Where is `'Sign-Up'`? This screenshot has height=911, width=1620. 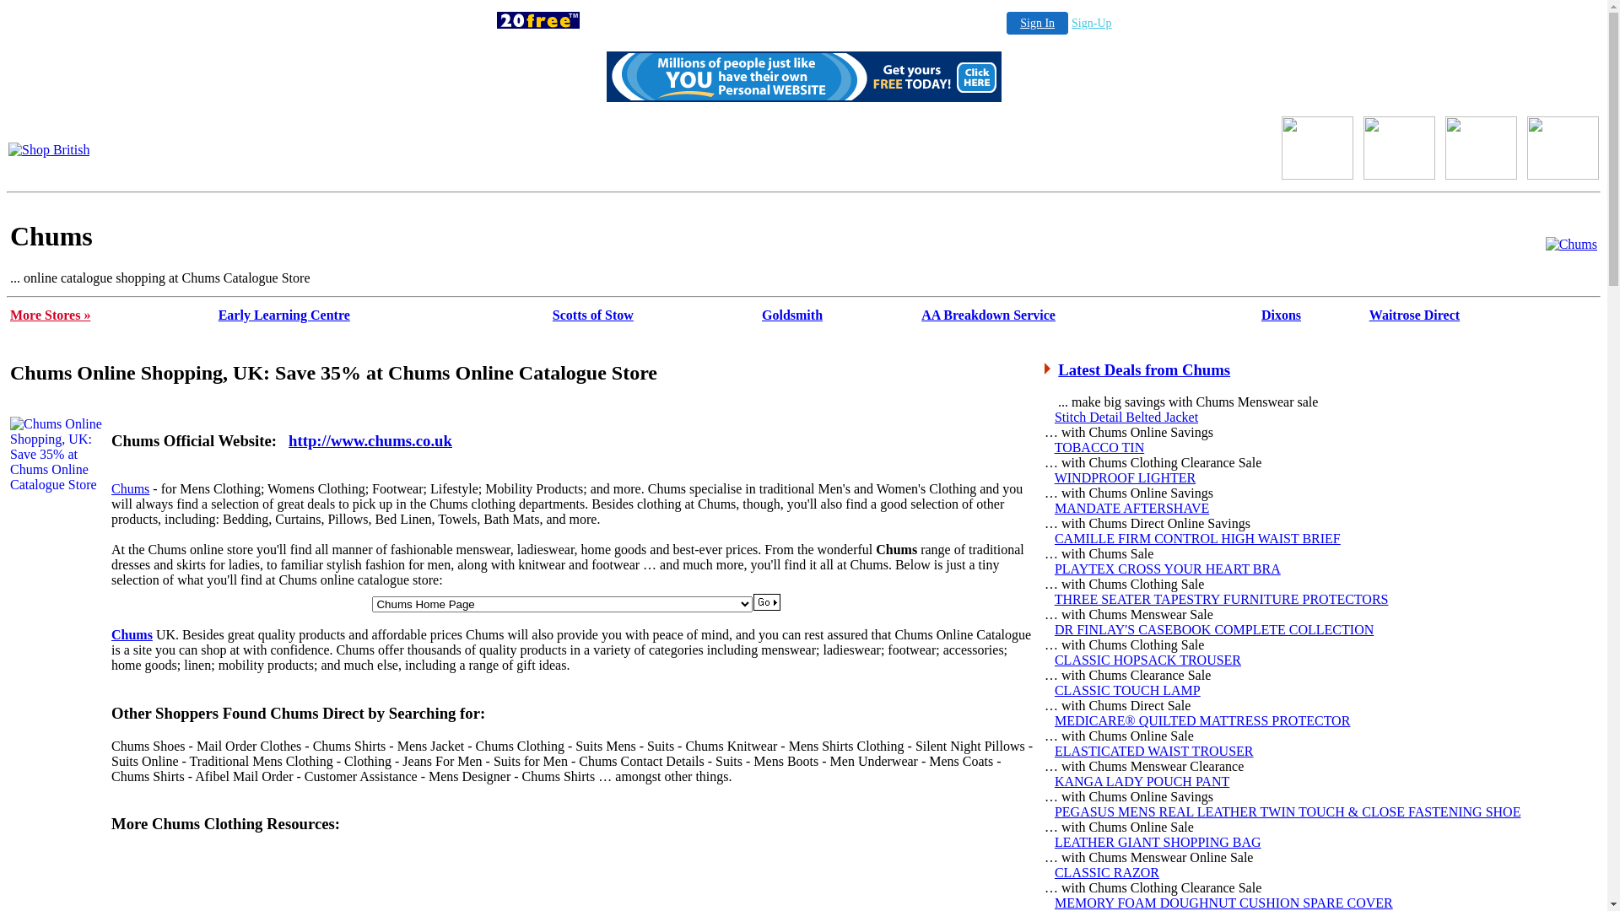 'Sign-Up' is located at coordinates (1091, 23).